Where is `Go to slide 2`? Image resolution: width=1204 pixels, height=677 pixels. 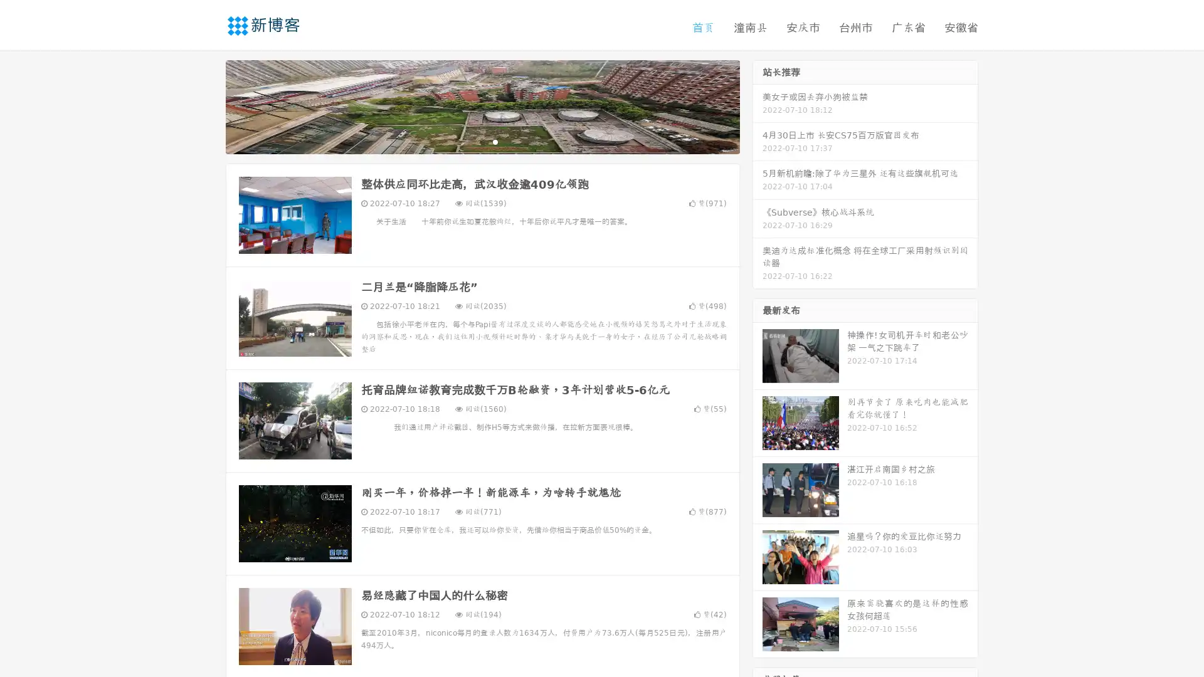
Go to slide 2 is located at coordinates (482, 141).